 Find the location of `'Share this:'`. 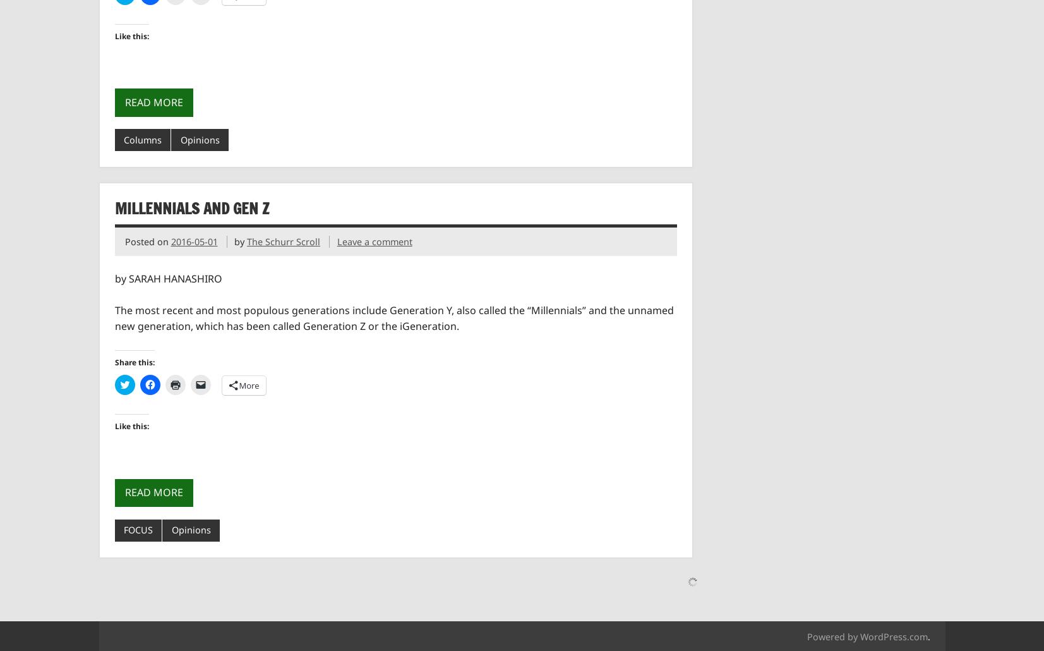

'Share this:' is located at coordinates (133, 362).